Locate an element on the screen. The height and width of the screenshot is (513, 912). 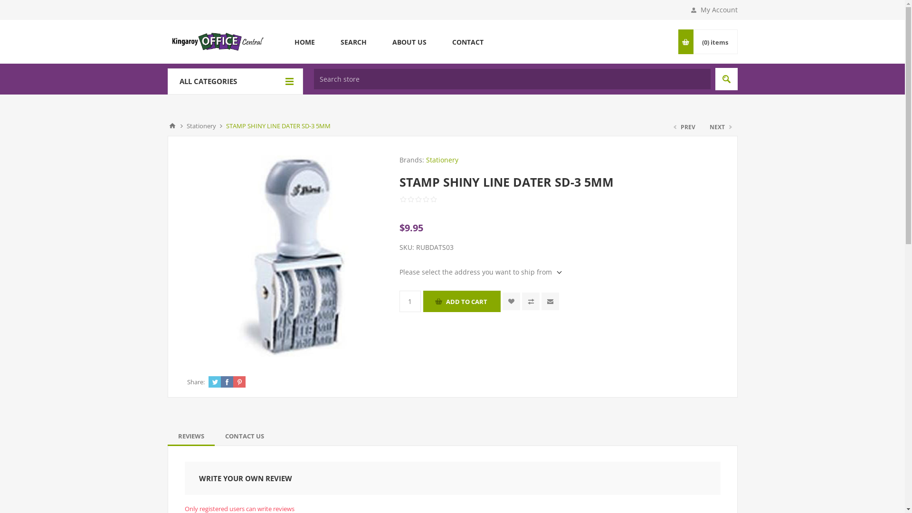
'REVIEWS' is located at coordinates (190, 436).